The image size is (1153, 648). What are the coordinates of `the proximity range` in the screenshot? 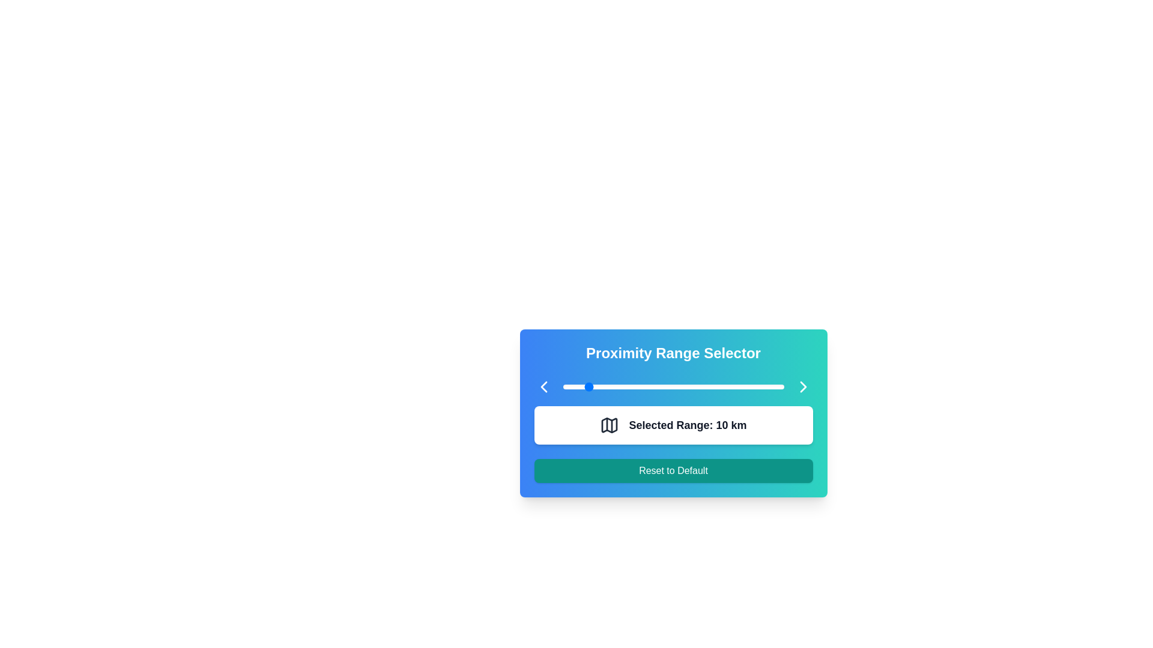 It's located at (737, 386).